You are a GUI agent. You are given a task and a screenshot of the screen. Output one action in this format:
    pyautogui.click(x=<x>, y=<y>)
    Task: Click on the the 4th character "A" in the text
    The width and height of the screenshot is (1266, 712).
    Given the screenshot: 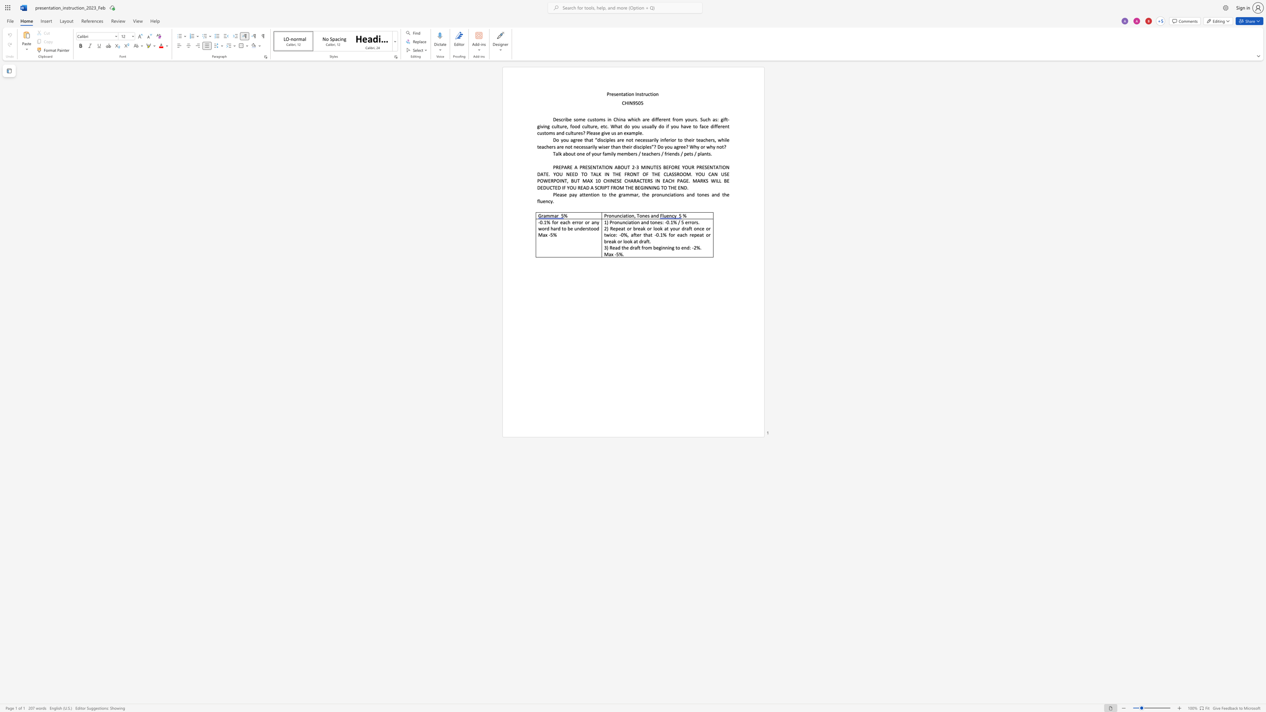 What is the action you would take?
    pyautogui.click(x=615, y=167)
    